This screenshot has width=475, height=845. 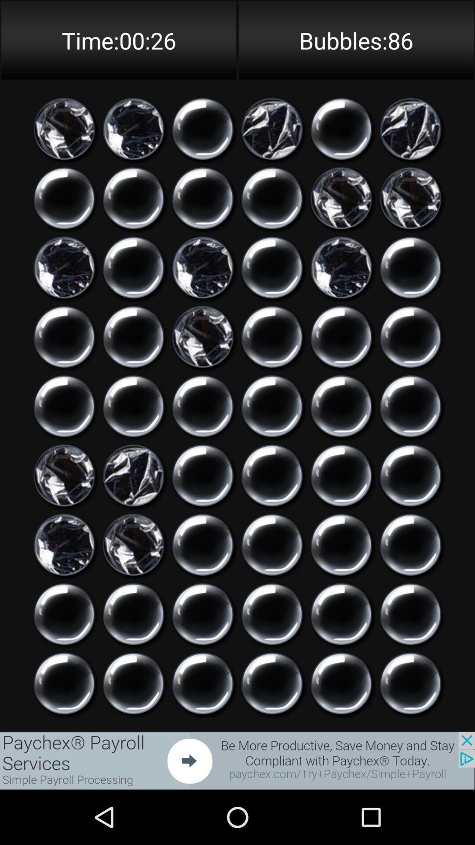 I want to click on click on icon, so click(x=64, y=406).